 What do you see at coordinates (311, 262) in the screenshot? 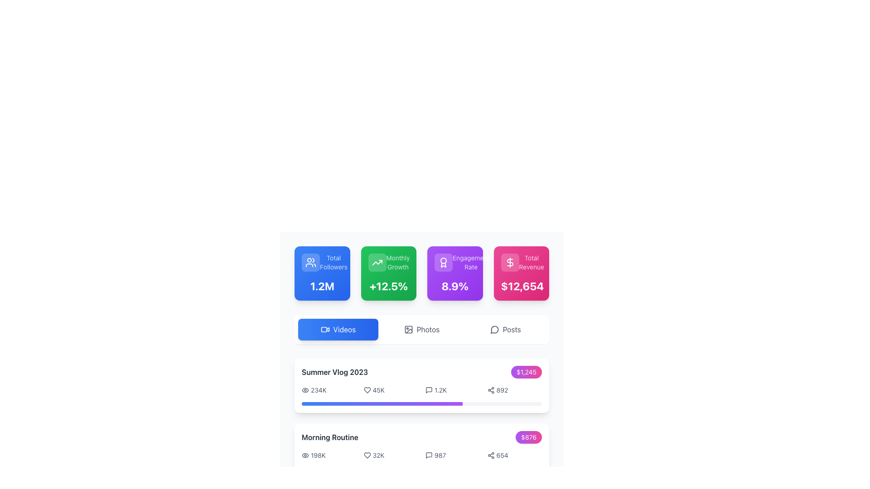
I see `the icon depicting two abstract user figures on a blue circular background located in the top-left tile` at bounding box center [311, 262].